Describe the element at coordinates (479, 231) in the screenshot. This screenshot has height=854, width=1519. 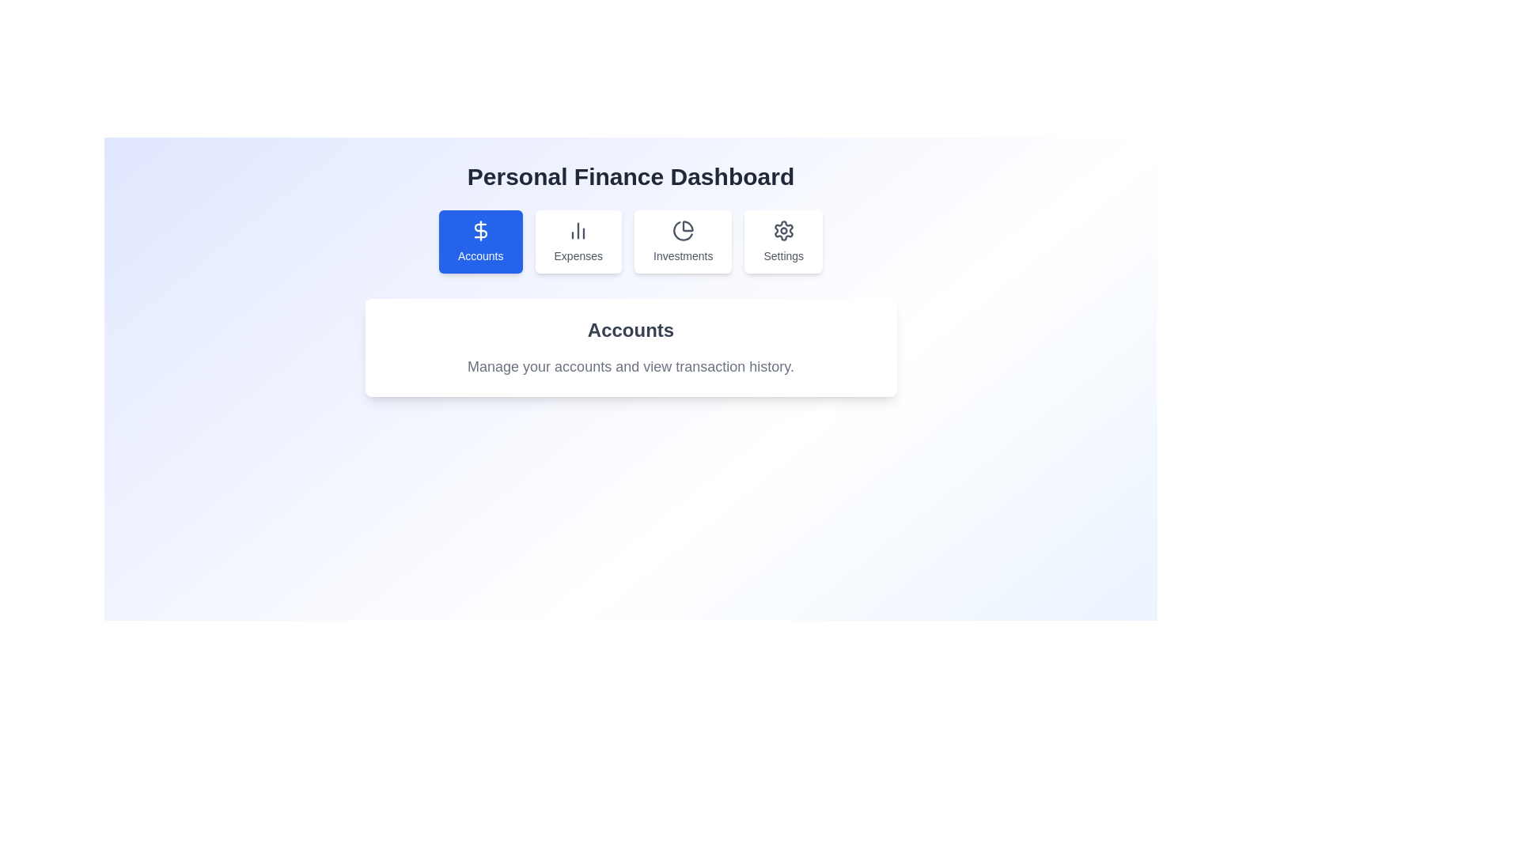
I see `the 'Accounts' icon located at the center of the blue button labeled 'Accounts'` at that location.